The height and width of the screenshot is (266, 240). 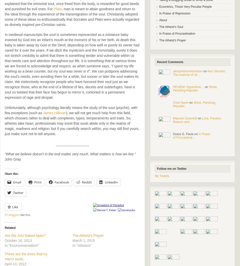 What do you see at coordinates (69, 69) in the screenshot?
I see `'“I spent my life working as a bean counter, but my soul was never in it”'` at bounding box center [69, 69].